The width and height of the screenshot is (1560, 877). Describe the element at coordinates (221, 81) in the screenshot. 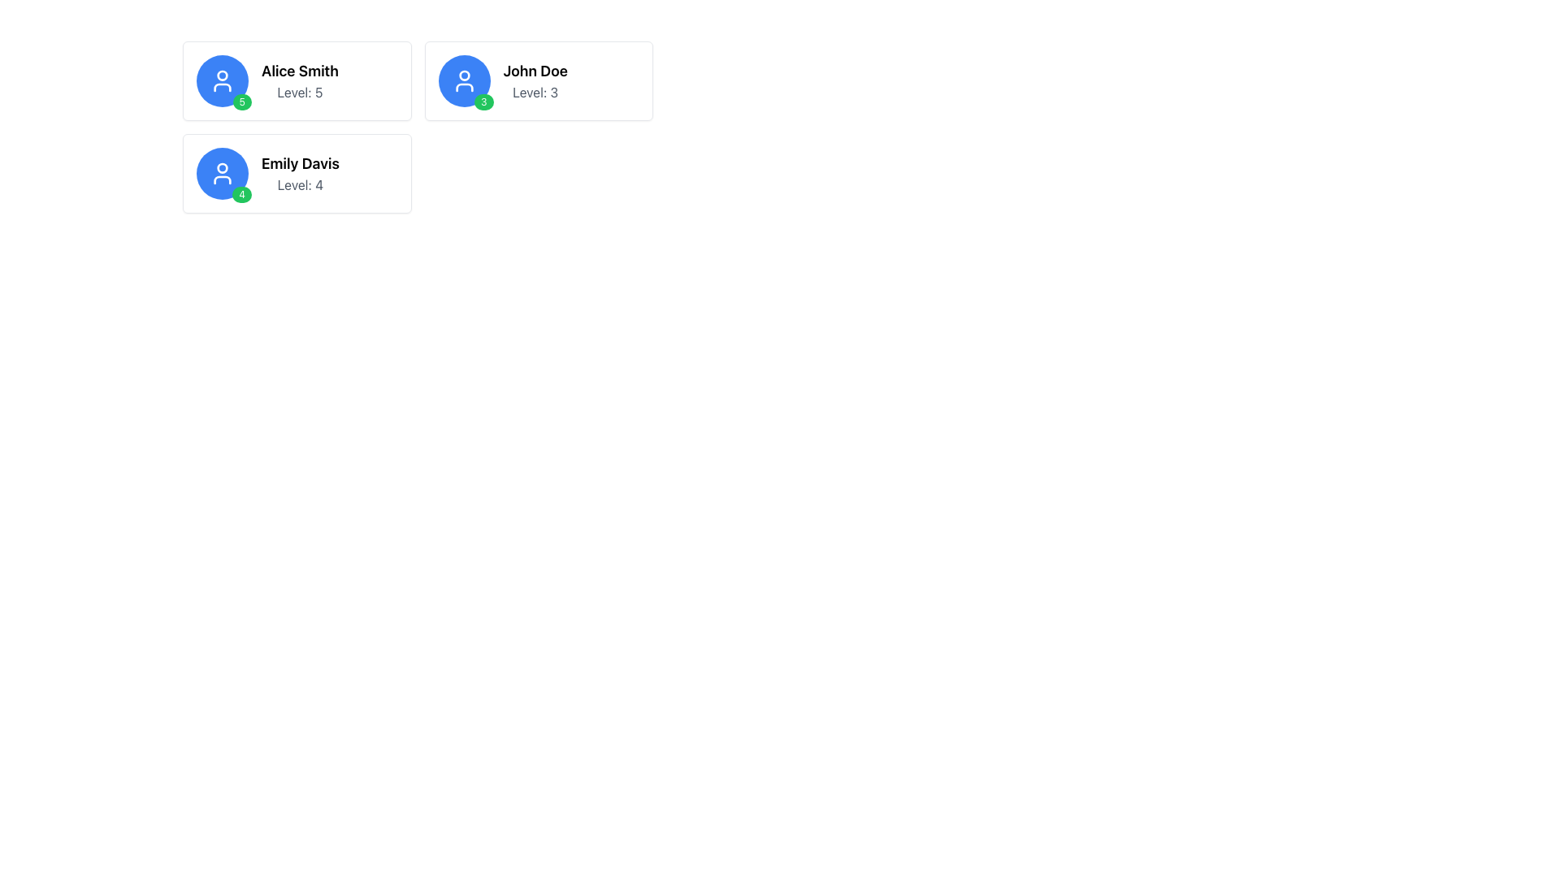

I see `the Avatar with Badge representing the user identifier for Alice Smith, located in the top-left corner of the card displaying 'Level: 5'` at that location.